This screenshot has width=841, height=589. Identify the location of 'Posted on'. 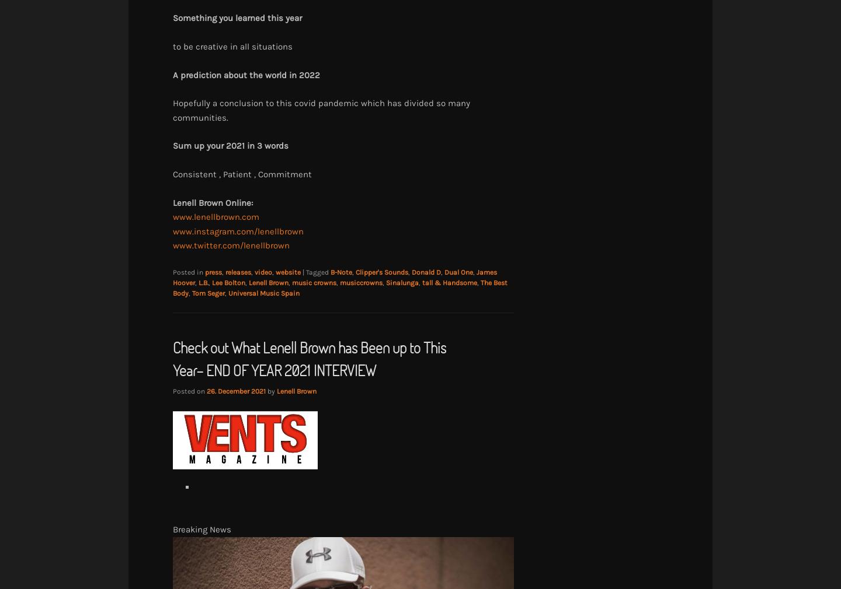
(190, 391).